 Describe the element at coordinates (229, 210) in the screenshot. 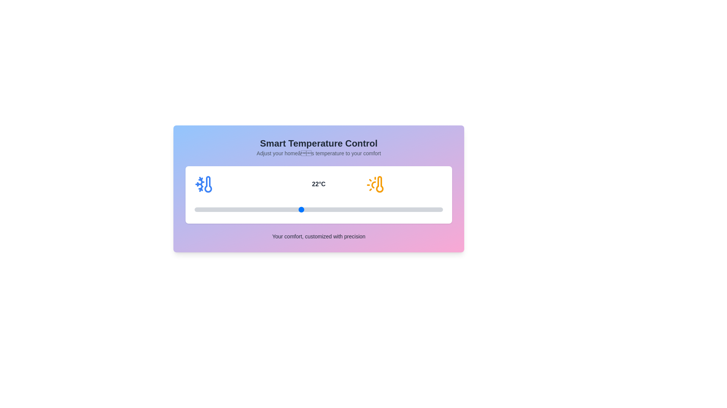

I see `the temperature to 18°C by interacting with the slider` at that location.